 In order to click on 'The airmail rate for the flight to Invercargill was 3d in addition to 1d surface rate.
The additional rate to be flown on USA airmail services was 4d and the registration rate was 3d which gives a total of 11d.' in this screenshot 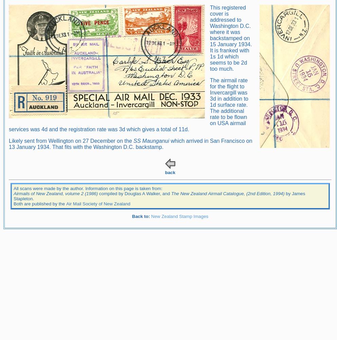, I will do `click(8, 104)`.